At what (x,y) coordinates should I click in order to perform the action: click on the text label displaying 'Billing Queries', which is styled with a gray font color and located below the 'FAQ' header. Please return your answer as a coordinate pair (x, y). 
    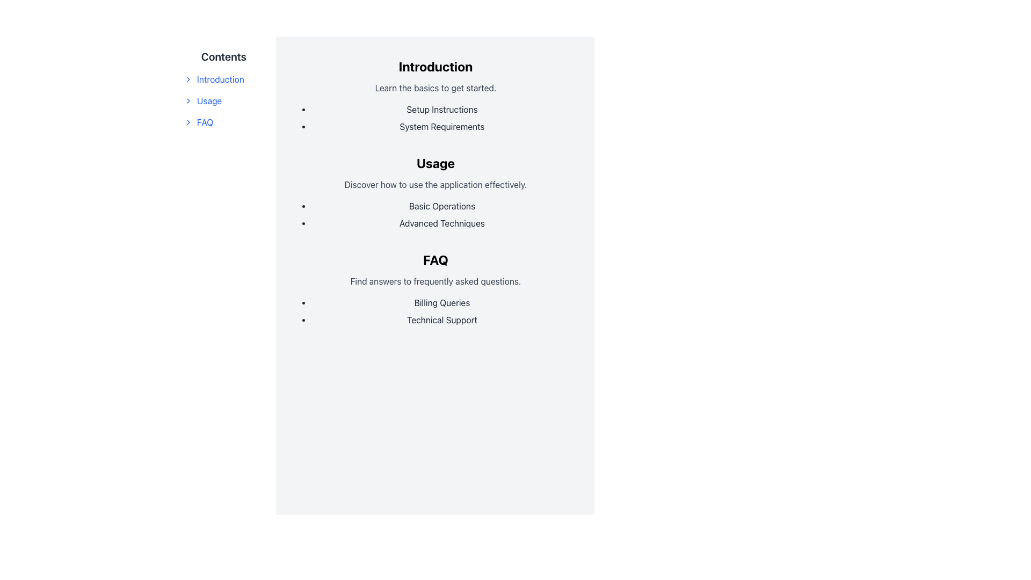
    Looking at the image, I should click on (442, 302).